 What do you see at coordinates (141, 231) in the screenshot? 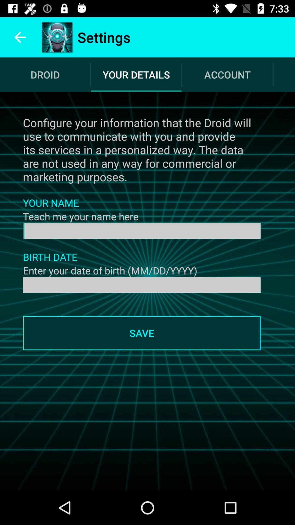
I see `name` at bounding box center [141, 231].